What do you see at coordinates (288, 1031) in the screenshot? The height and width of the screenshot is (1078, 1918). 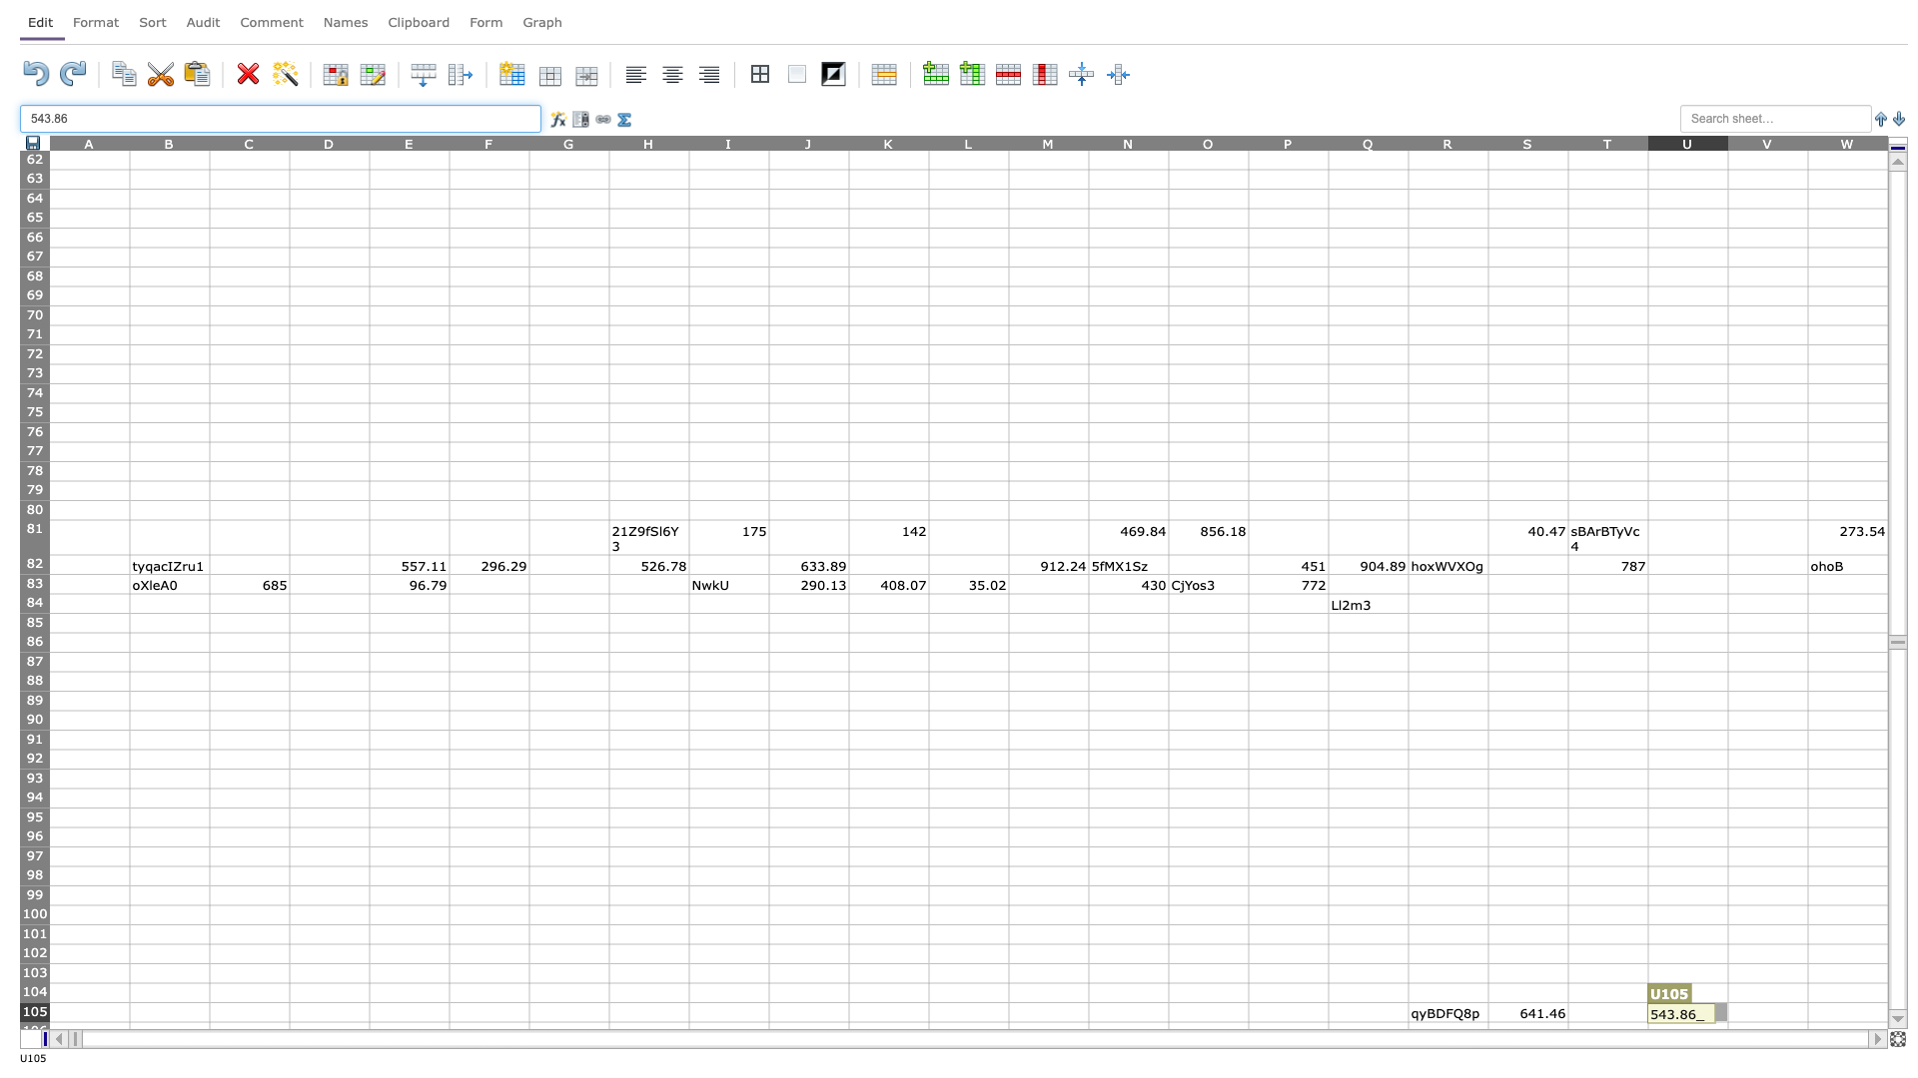 I see `Right side of cell C106` at bounding box center [288, 1031].